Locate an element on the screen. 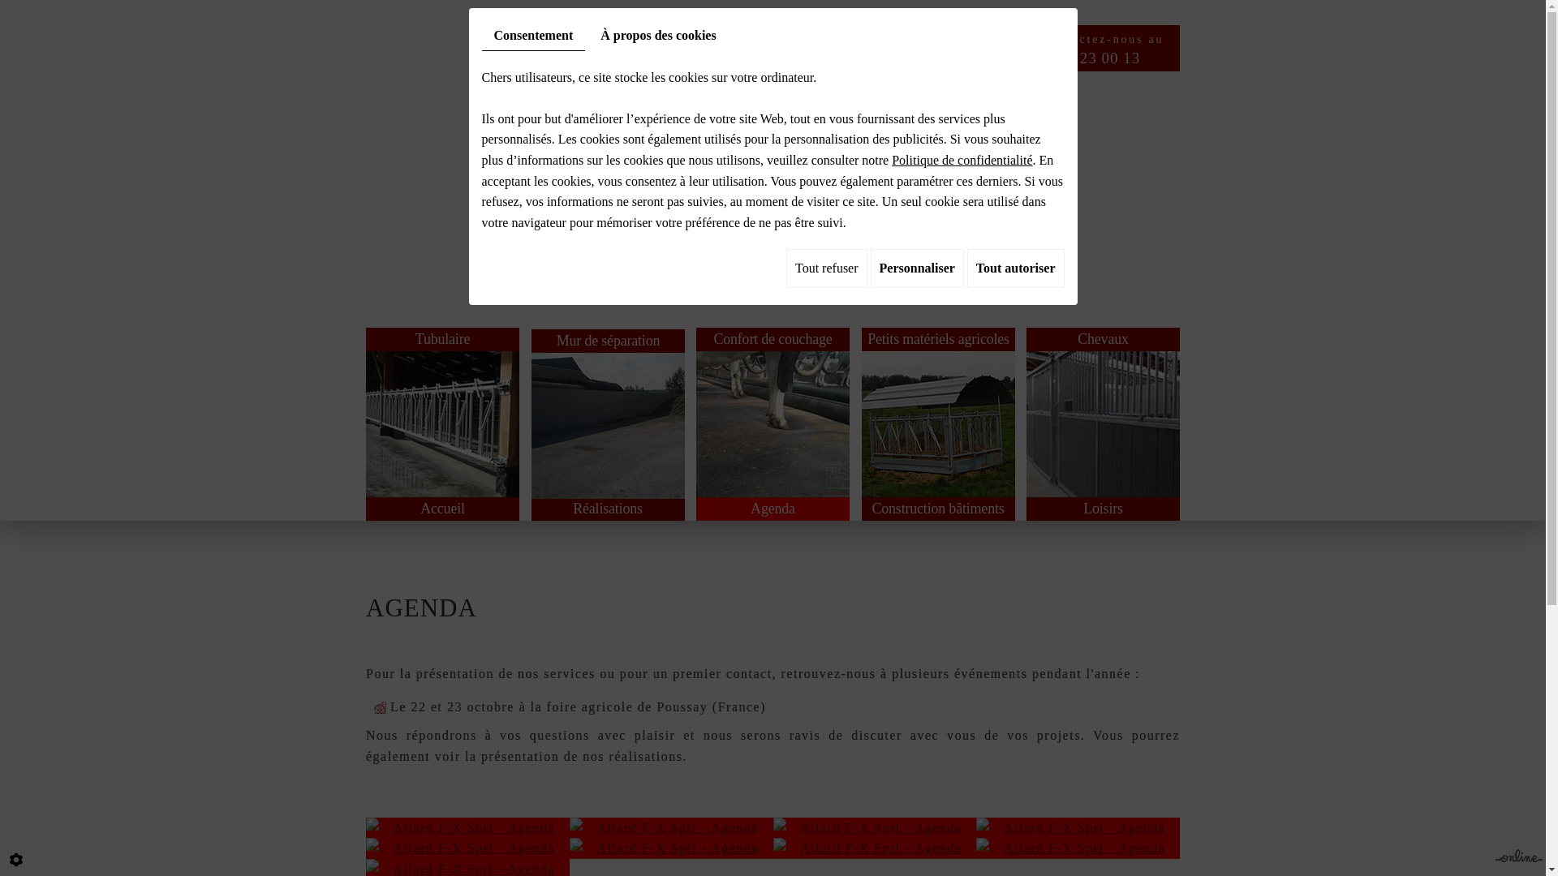 The image size is (1558, 876). 'Personnaliser' is located at coordinates (917, 268).